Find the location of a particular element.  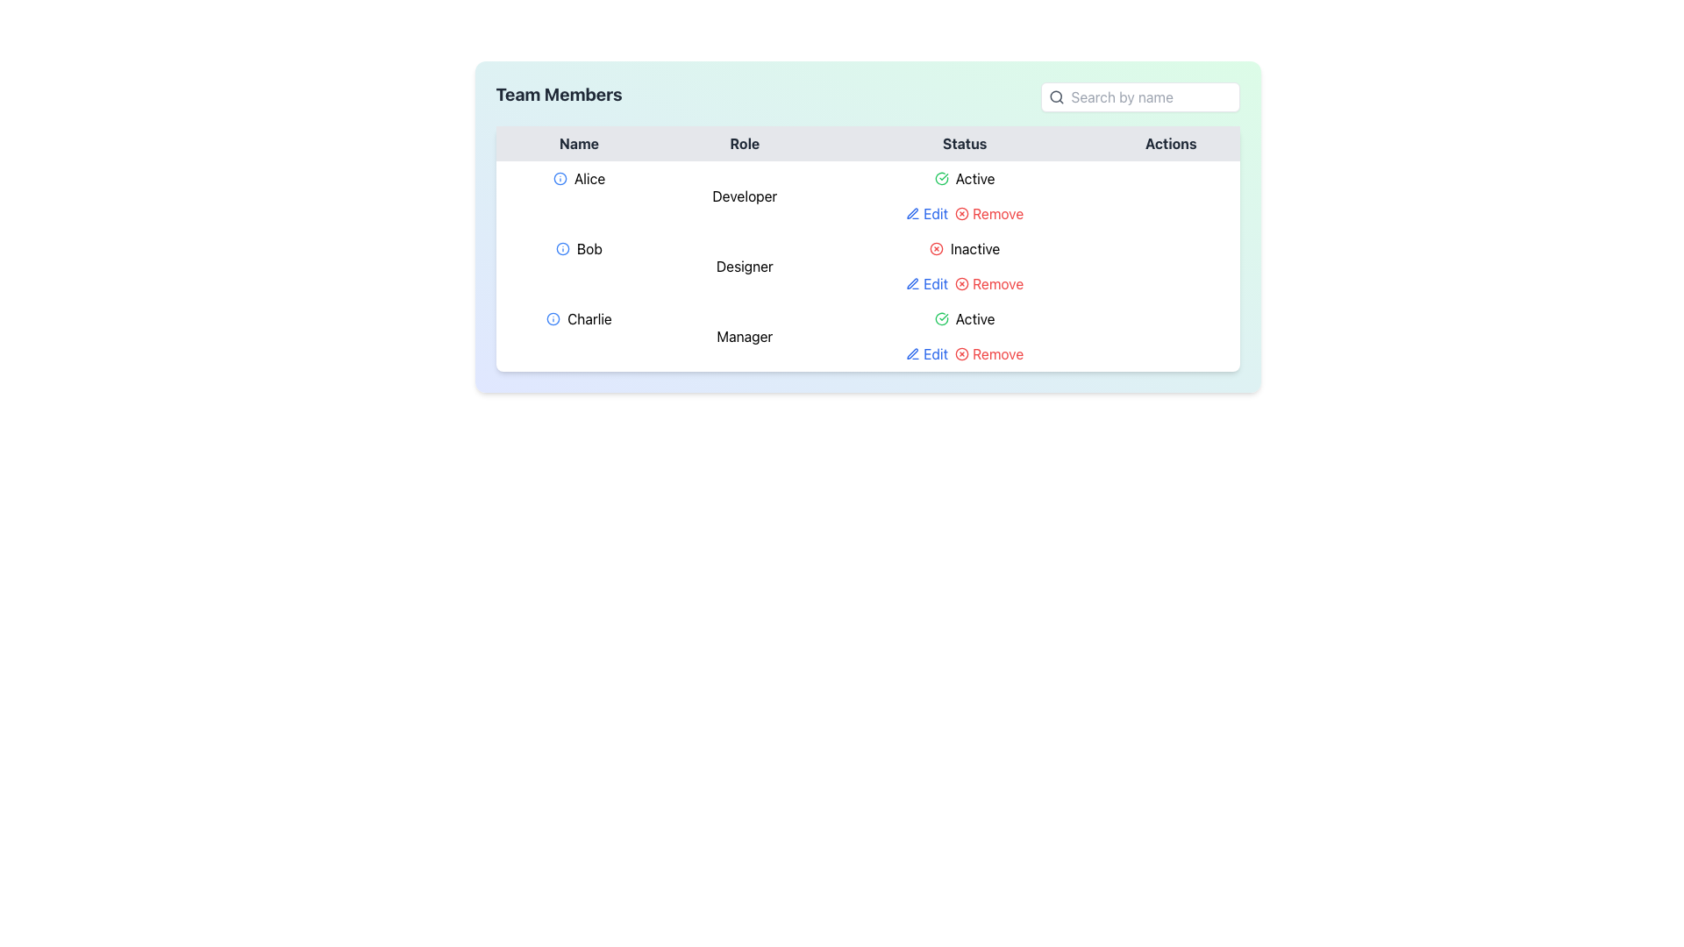

the 'Inactive' status text with icon located in the second row of the table under the 'Status' column, which is horizontally aligned with the role 'Designer' is located at coordinates (964, 249).